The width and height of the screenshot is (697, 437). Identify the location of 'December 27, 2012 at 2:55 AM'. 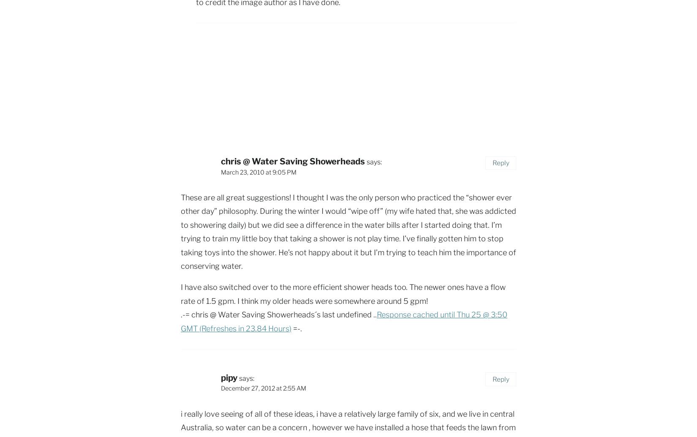
(263, 388).